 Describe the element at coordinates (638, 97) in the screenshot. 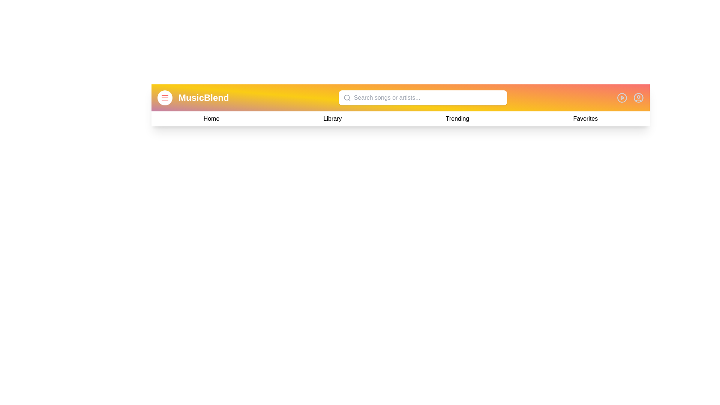

I see `the user profile icon to access the user profile` at that location.